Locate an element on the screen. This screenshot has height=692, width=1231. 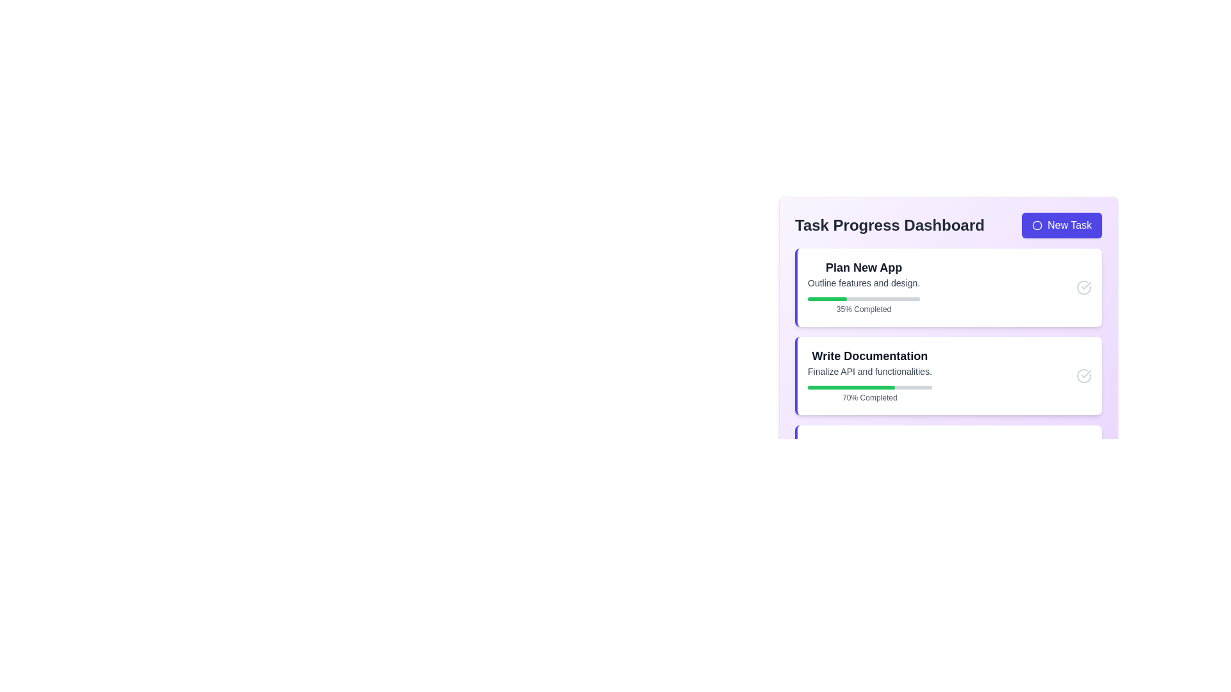
the Progress Indicator with Label located in the 'Write Documentation' card, which visually displays the progress of a task with a percentage is located at coordinates (869, 390).